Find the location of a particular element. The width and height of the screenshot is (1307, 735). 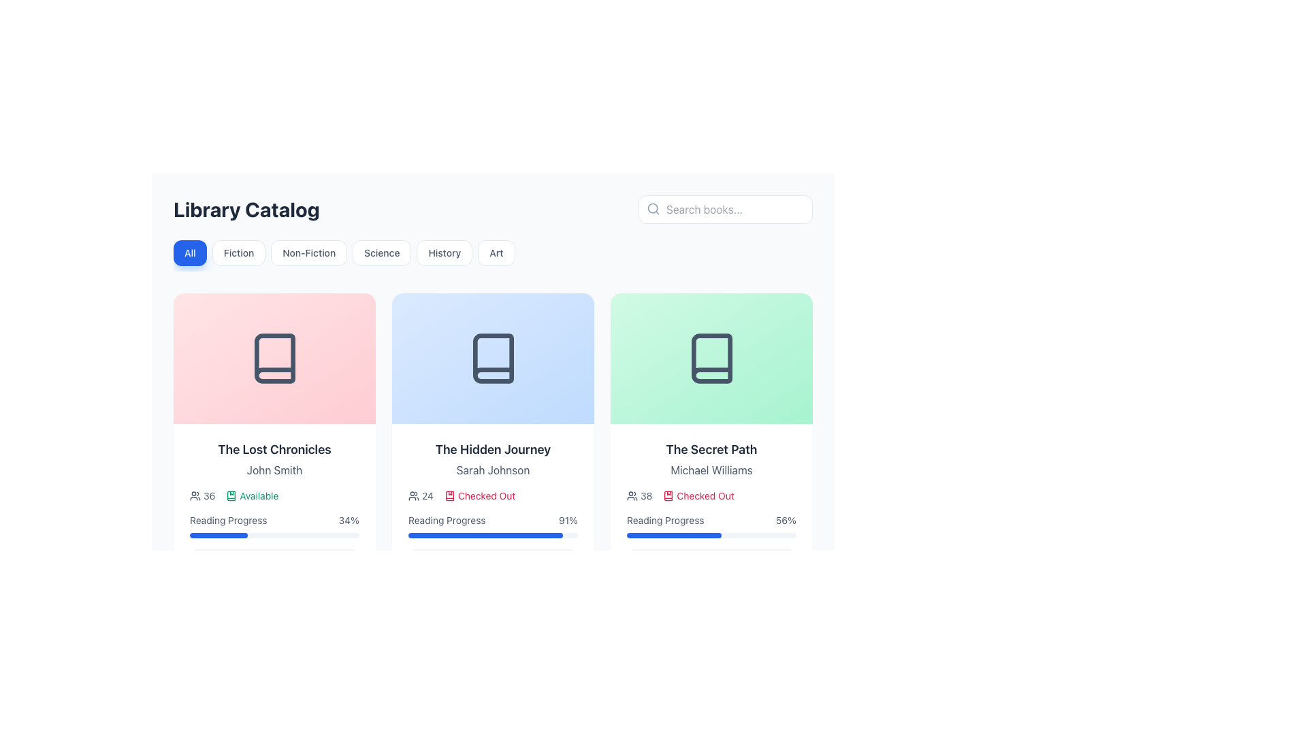

the information displayed by the text-and-icon component representing a count of users, located in the first card below 'The Lost Chronicles' is located at coordinates (201, 496).